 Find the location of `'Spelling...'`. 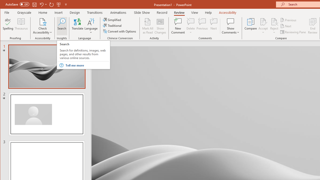

'Spelling...' is located at coordinates (8, 26).